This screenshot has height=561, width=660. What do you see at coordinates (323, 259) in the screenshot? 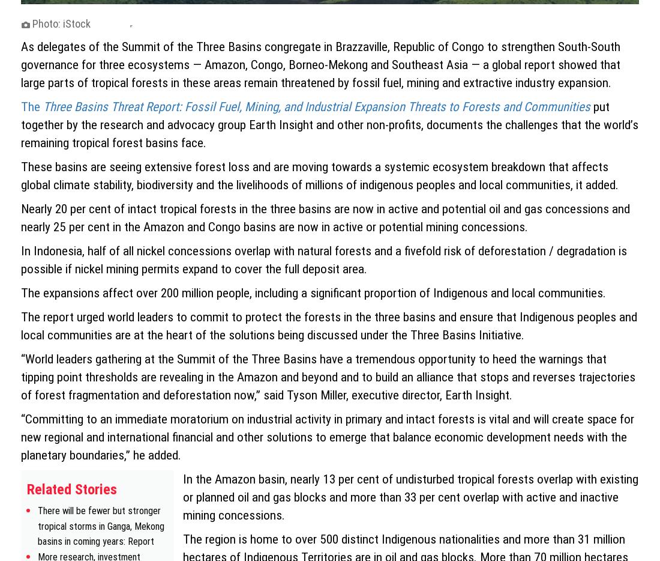
I see `'In Indonesia, half of all nickel concessions overlap with natural forests and a fivefold risk of deforestation / degradation is possible if nickel mining permits expand to cover the full deposit area.'` at bounding box center [323, 259].